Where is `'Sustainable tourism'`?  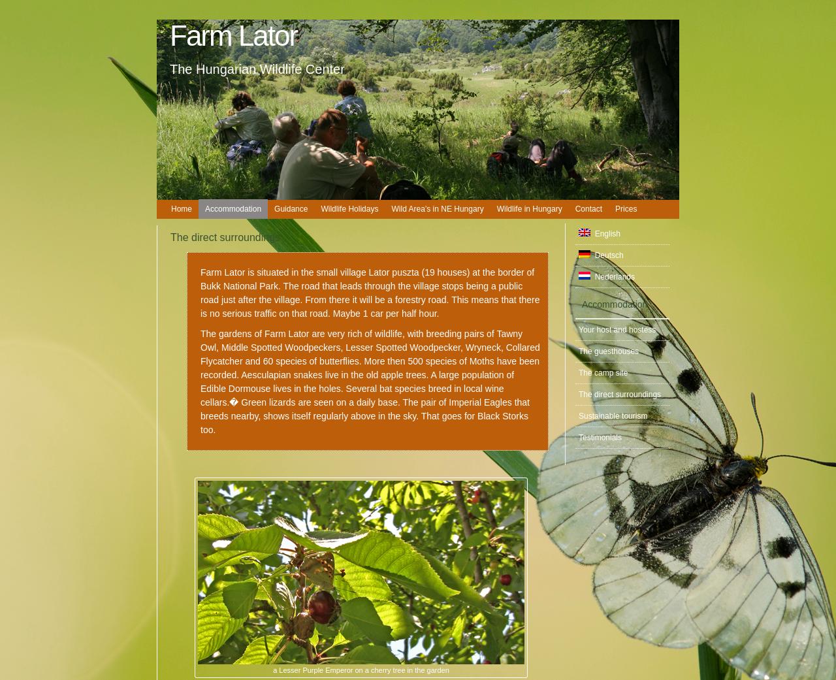
'Sustainable tourism' is located at coordinates (612, 415).